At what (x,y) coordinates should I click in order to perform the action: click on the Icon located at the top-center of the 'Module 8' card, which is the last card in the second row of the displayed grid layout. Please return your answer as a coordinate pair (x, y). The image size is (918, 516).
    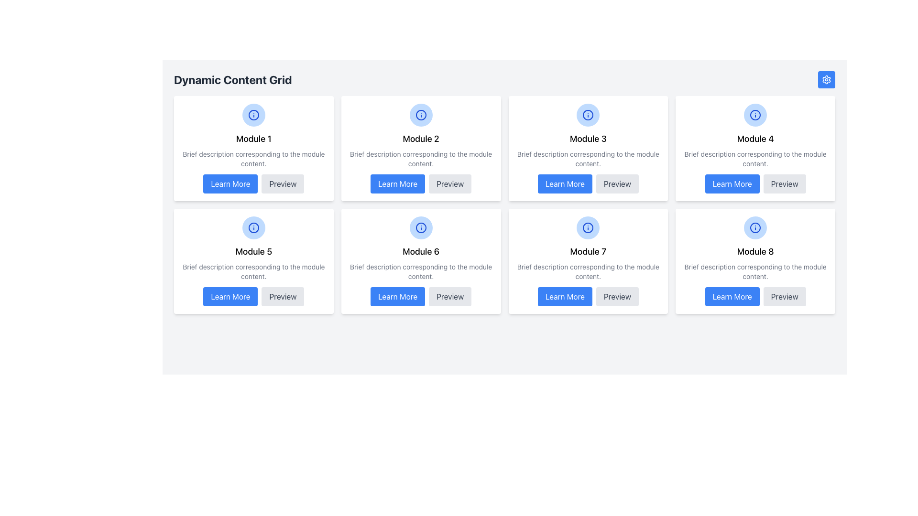
    Looking at the image, I should click on (755, 228).